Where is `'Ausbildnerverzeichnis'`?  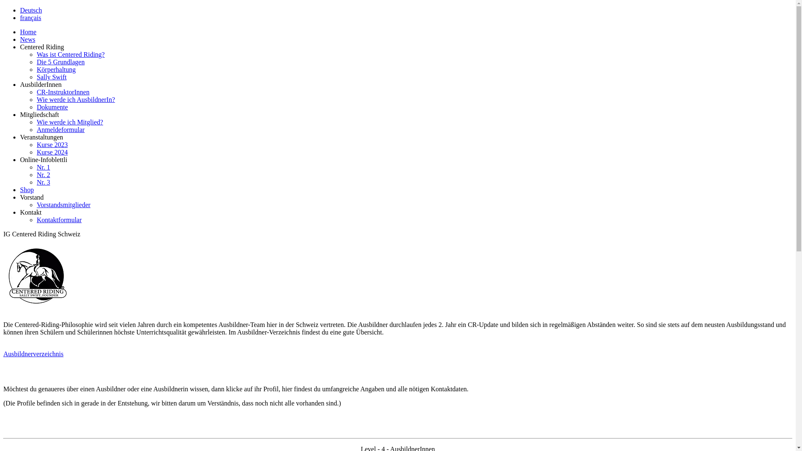 'Ausbildnerverzeichnis' is located at coordinates (33, 354).